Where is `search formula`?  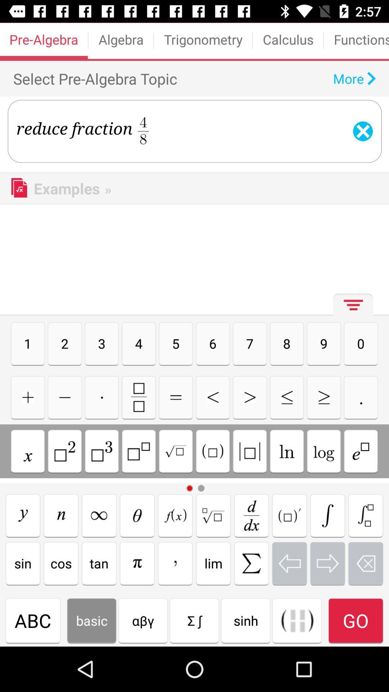 search formula is located at coordinates (251, 515).